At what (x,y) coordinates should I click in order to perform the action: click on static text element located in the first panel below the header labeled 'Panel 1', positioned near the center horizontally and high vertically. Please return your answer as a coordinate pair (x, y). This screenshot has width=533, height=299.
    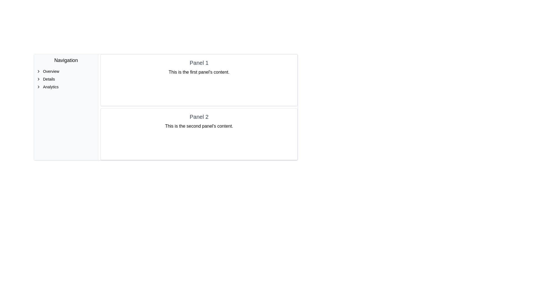
    Looking at the image, I should click on (199, 72).